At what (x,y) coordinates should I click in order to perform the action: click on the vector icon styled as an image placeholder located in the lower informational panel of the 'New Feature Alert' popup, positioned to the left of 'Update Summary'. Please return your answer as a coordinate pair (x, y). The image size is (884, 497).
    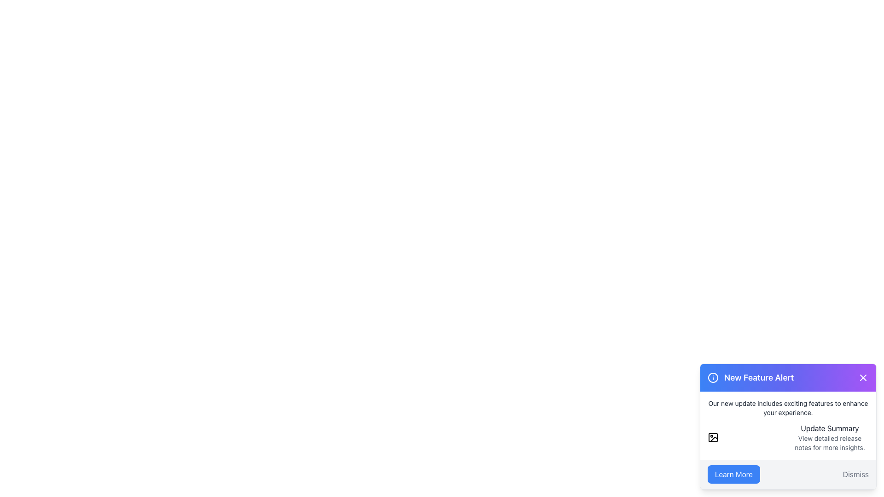
    Looking at the image, I should click on (713, 437).